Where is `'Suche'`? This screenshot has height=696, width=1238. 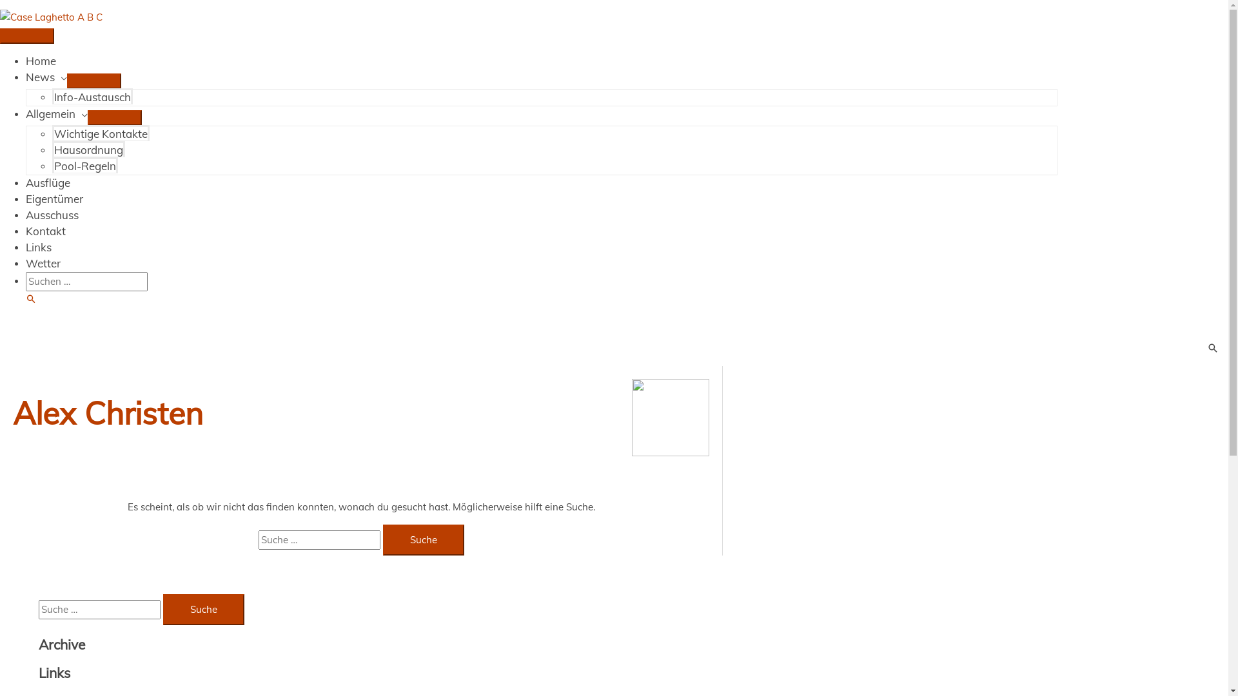 'Suche' is located at coordinates (203, 609).